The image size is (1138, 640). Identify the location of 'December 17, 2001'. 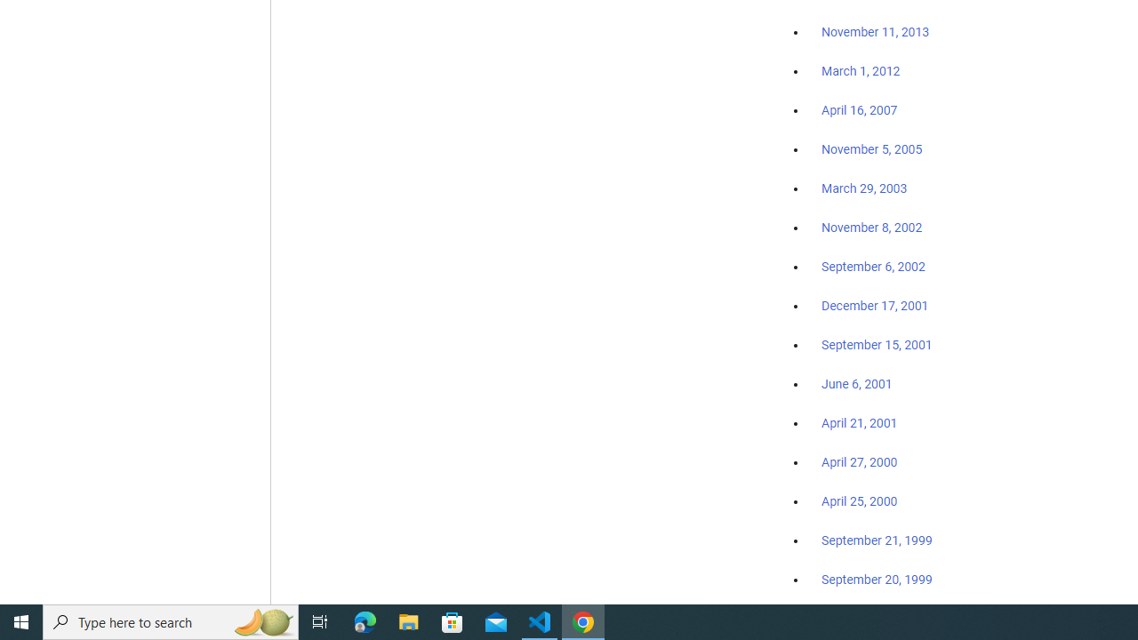
(875, 304).